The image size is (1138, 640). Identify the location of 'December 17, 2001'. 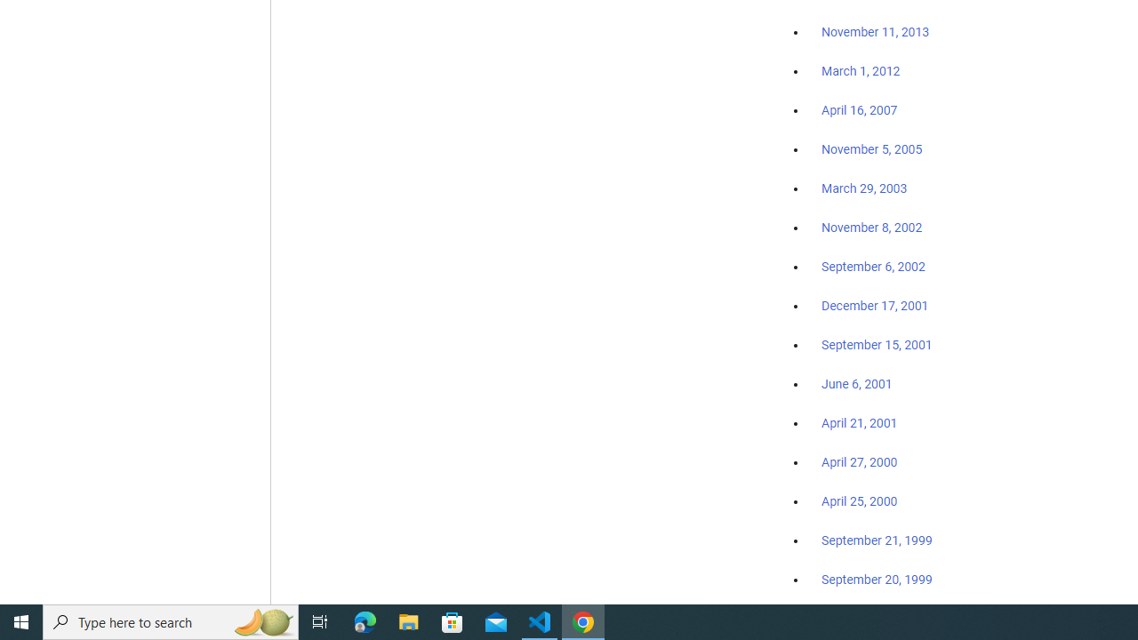
(875, 304).